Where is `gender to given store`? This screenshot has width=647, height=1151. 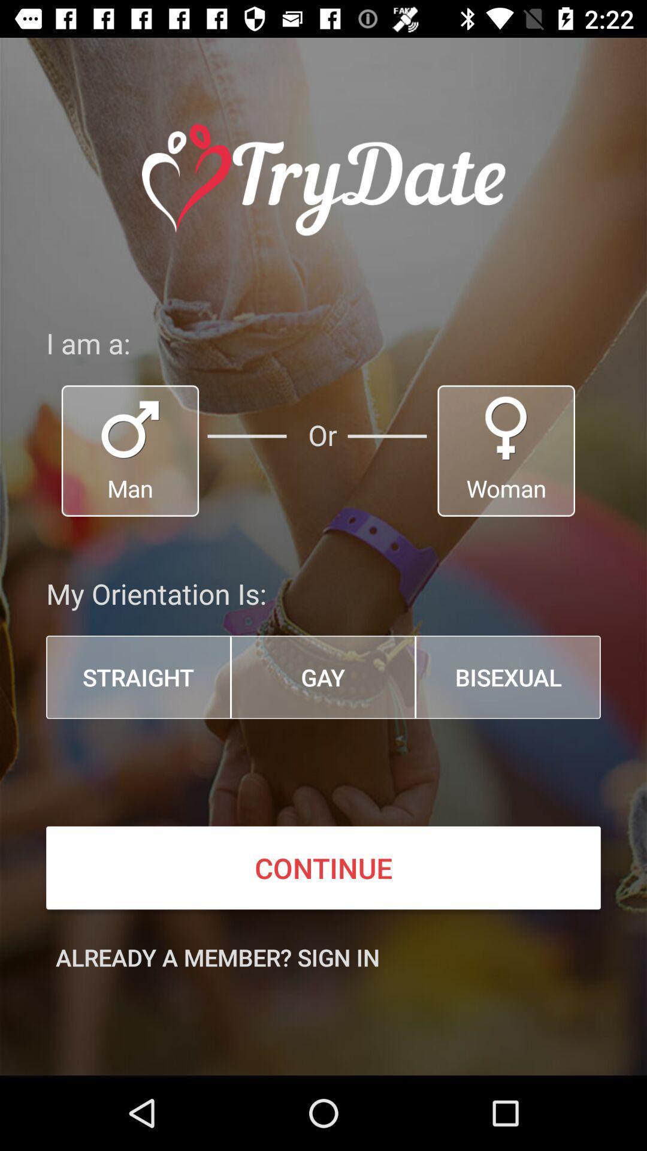 gender to given store is located at coordinates (506, 450).